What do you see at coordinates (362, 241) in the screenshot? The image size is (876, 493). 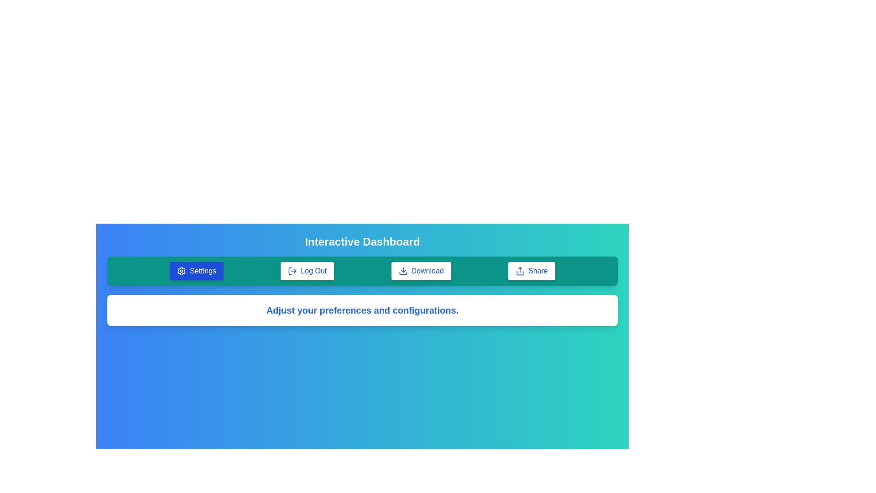 I see `the header text to focus on it` at bounding box center [362, 241].